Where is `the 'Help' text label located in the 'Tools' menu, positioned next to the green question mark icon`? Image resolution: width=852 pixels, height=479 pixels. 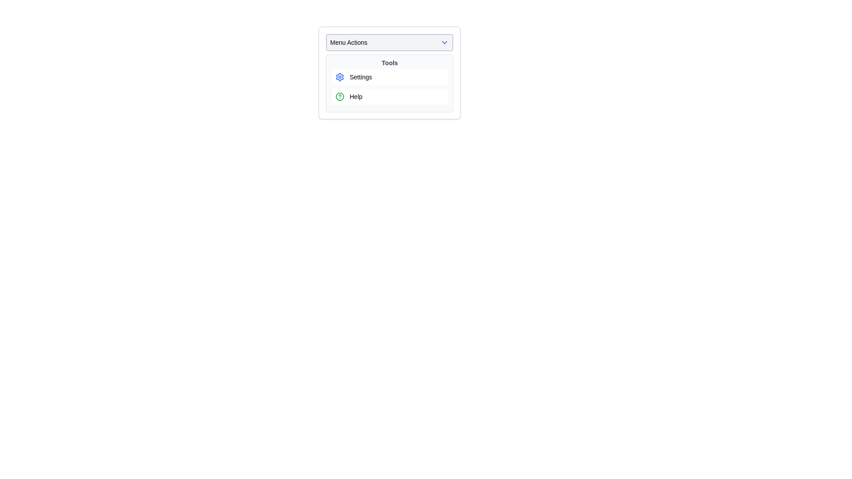 the 'Help' text label located in the 'Tools' menu, positioned next to the green question mark icon is located at coordinates (356, 97).